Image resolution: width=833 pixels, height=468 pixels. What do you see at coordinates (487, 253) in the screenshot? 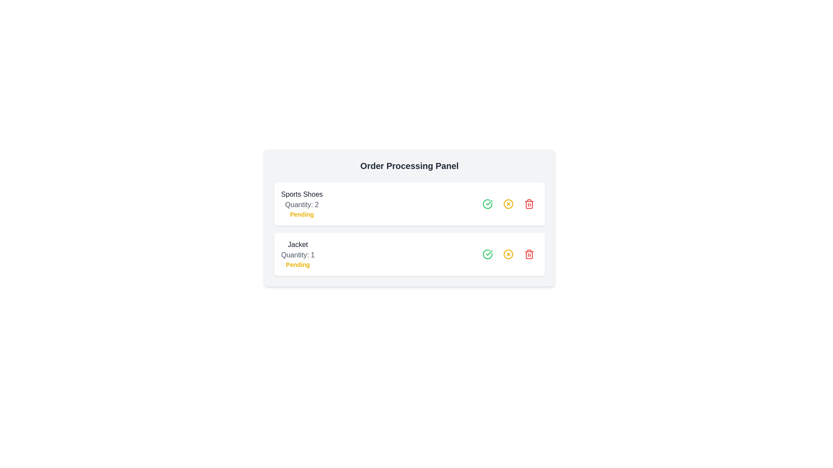
I see `the confirmation icon (check mark enclosed in a circle) located in the 'Jacket' order item within the 'Order Processing Panel' to mark this order as confirmed` at bounding box center [487, 253].